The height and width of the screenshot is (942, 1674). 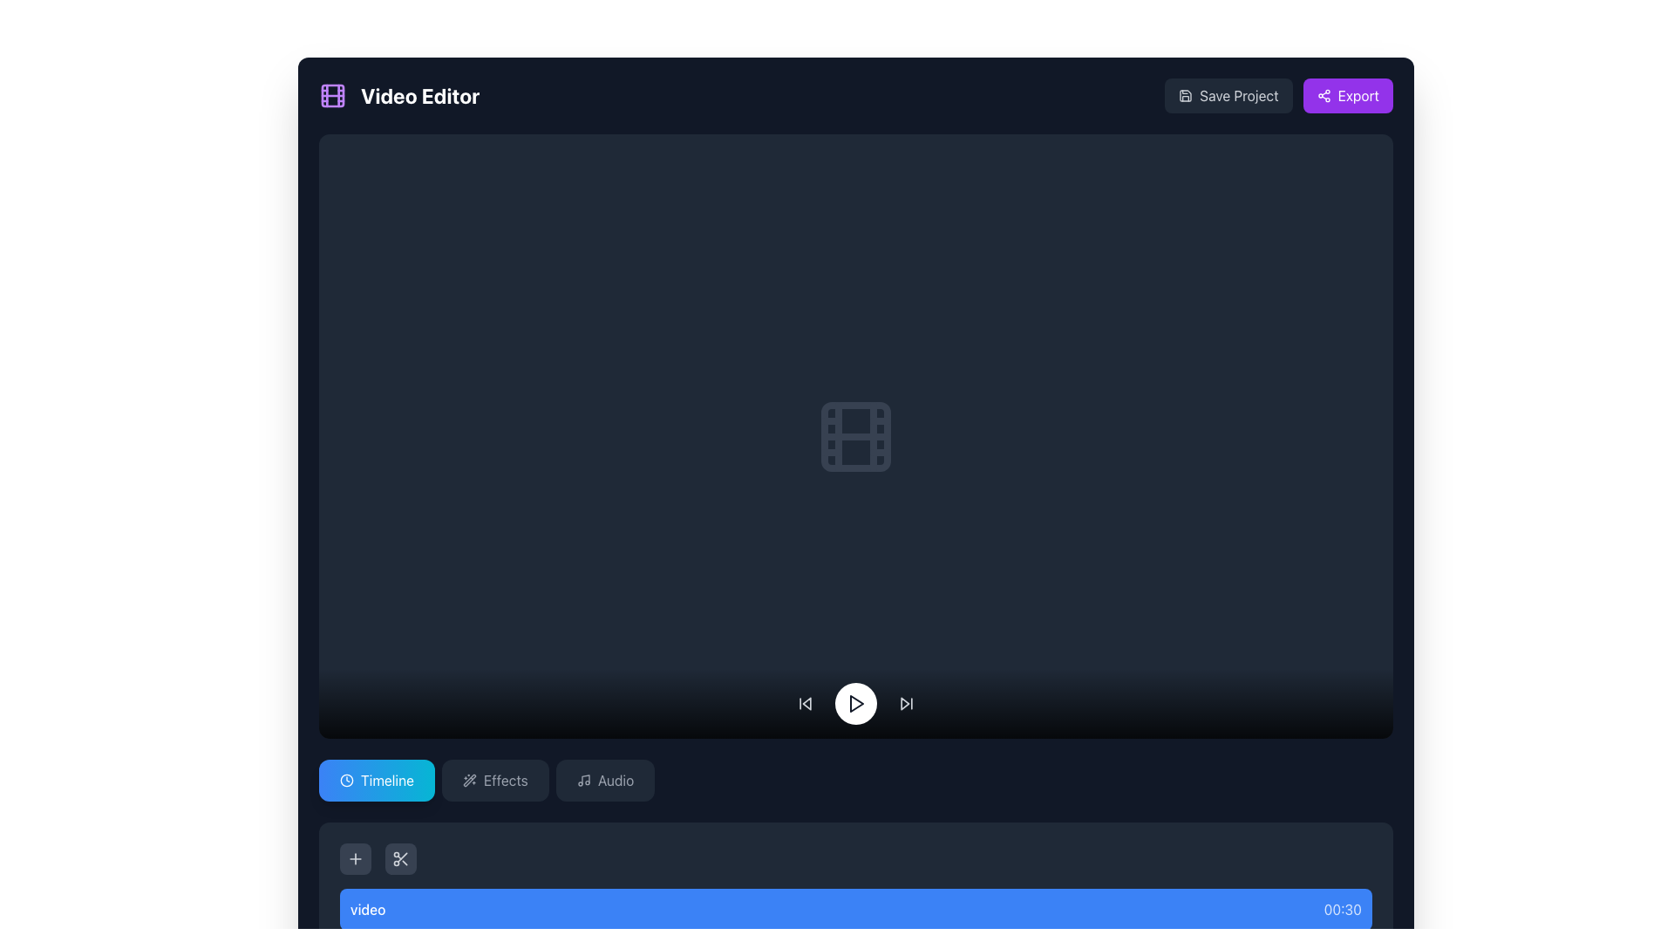 I want to click on the skip-forward button, which is an icon with a rightward arrow located in the horizontal control bar at the bottom of the interface, to skip forward, so click(x=907, y=702).